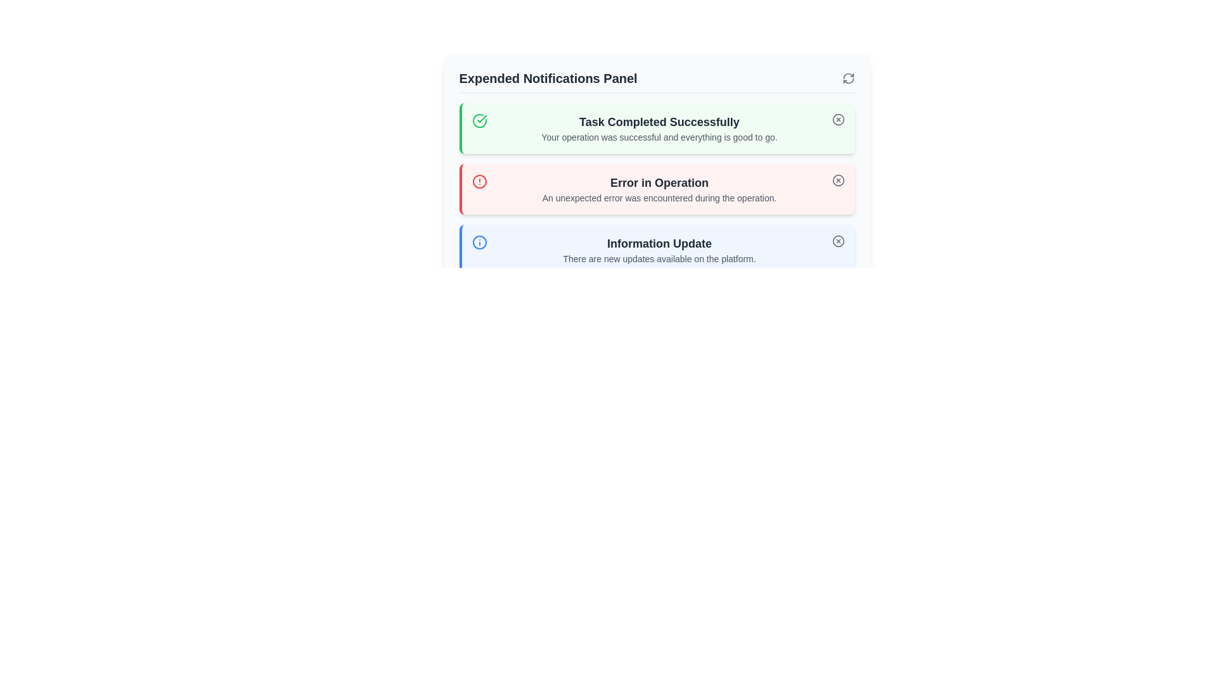 Image resolution: width=1217 pixels, height=684 pixels. What do you see at coordinates (659, 189) in the screenshot?
I see `the error notification card containing the bold heading 'Error in Operation' and the paragraph 'An unexpected error was encountered during the operation.'` at bounding box center [659, 189].